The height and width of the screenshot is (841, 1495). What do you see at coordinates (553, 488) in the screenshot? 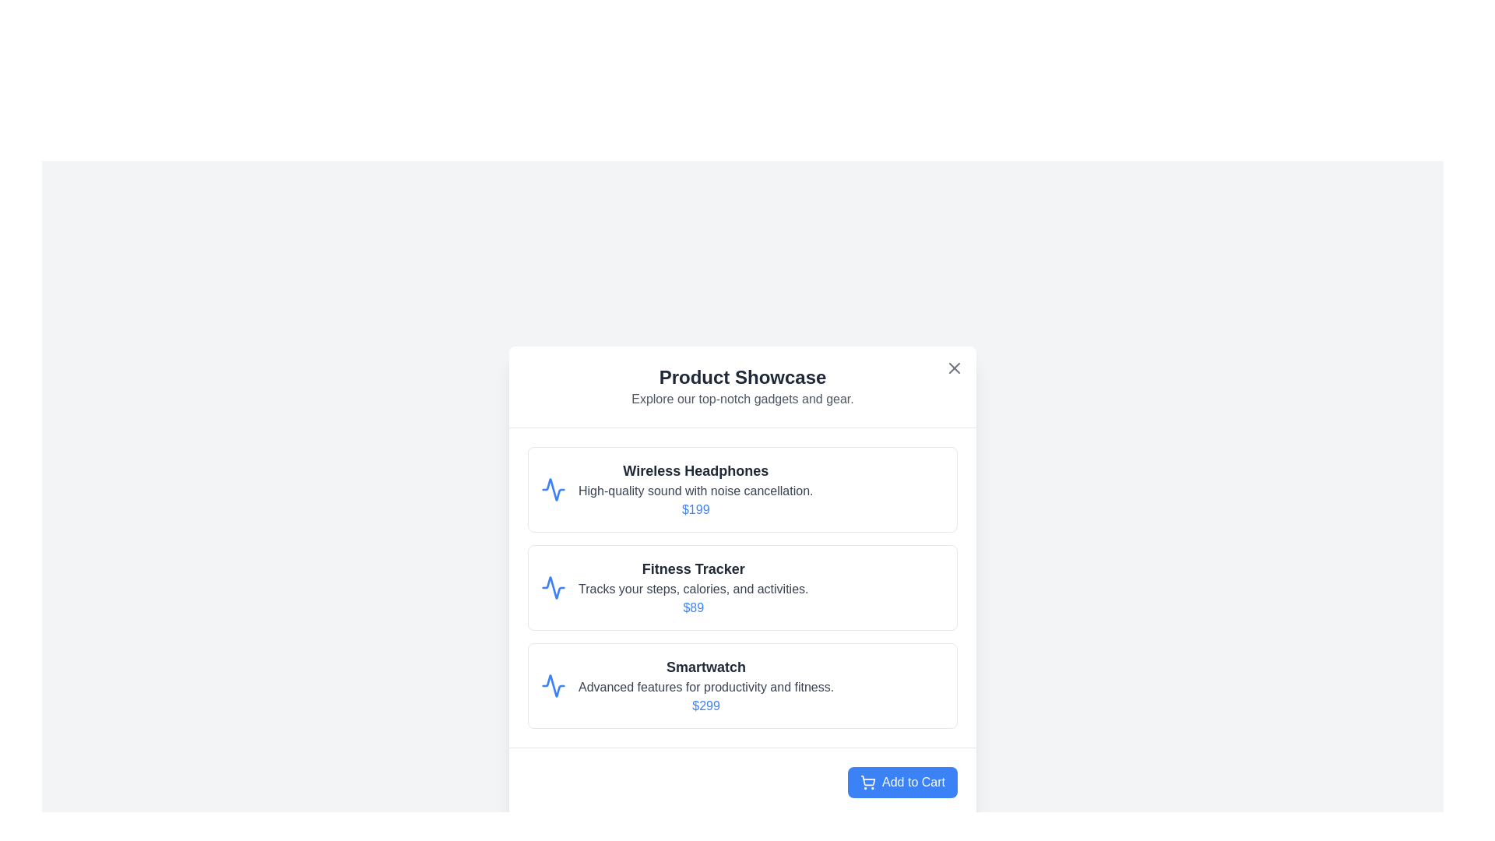
I see `the SVG graphic icon representing the 'Wireless Headphones' in the left part of the first product description section of the modal window` at bounding box center [553, 488].